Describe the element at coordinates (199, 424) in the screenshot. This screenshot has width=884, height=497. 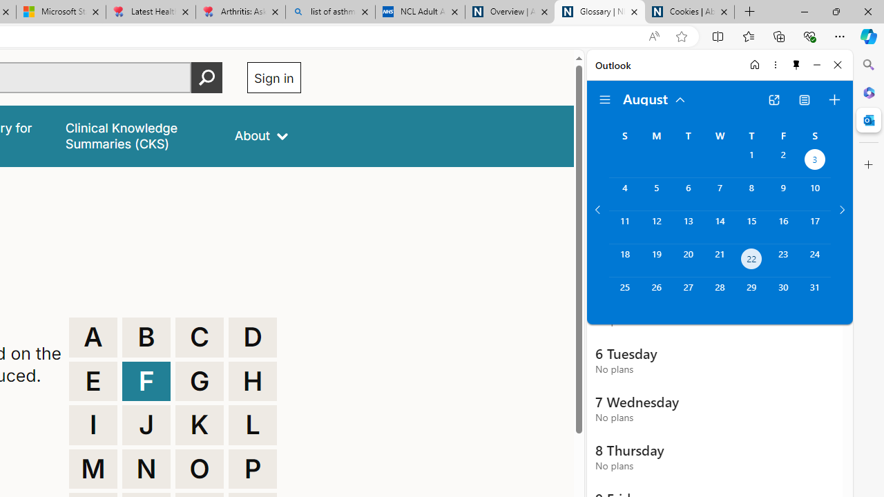
I see `'K'` at that location.